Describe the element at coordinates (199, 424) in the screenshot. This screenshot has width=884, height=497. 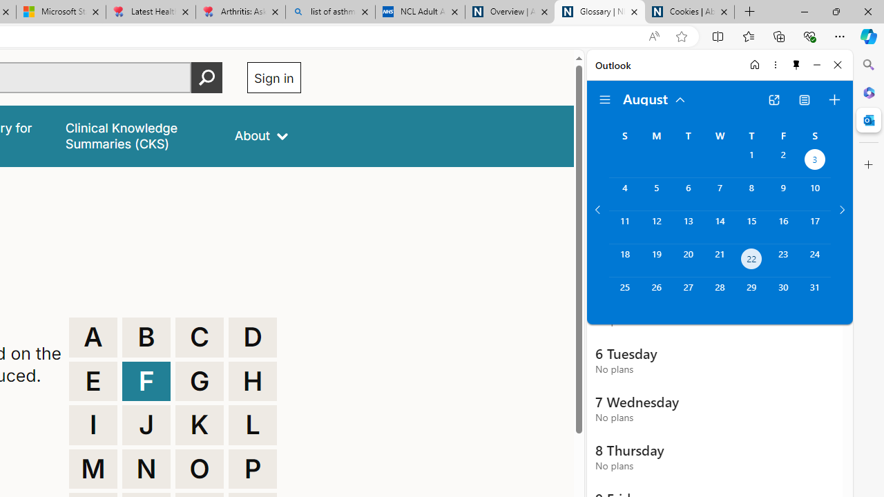
I see `'K'` at that location.